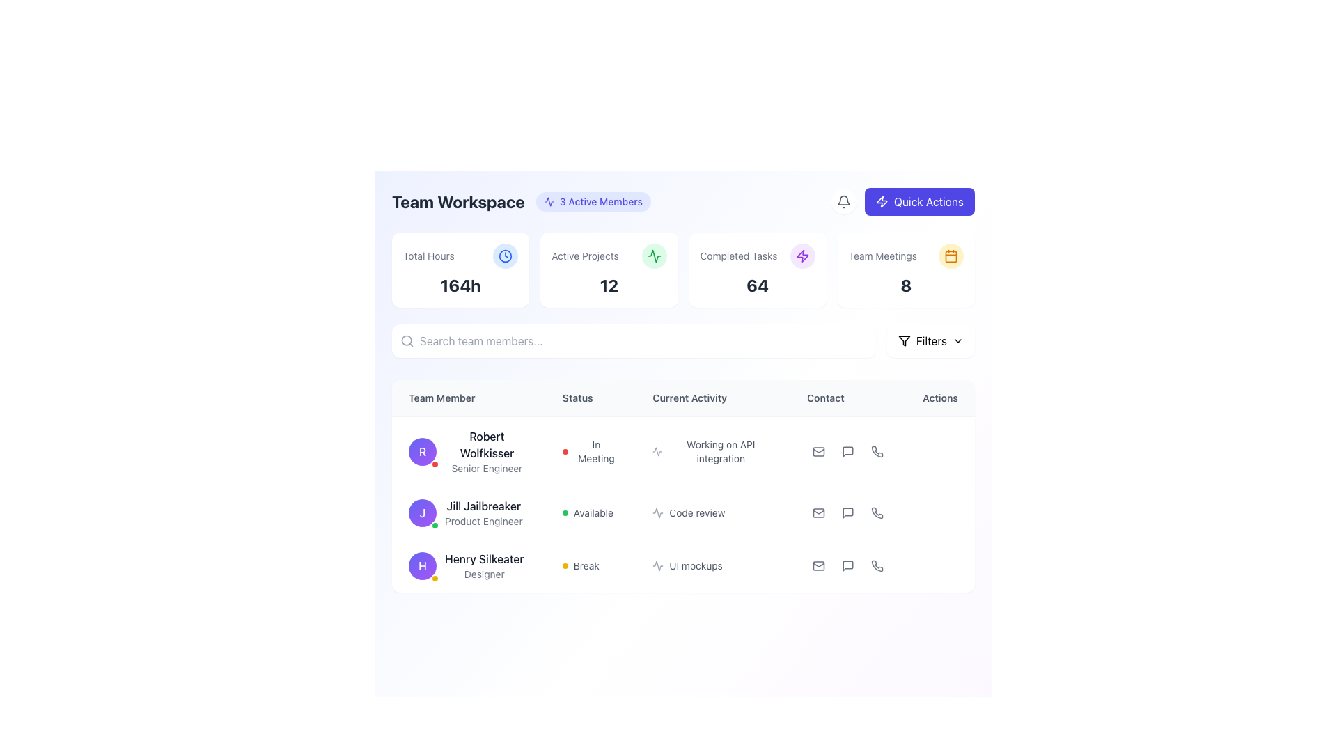  What do you see at coordinates (819, 451) in the screenshot?
I see `the Mail icon located in the 'Contact' column for 'Robert Wolfkisser' to initiate an email action` at bounding box center [819, 451].